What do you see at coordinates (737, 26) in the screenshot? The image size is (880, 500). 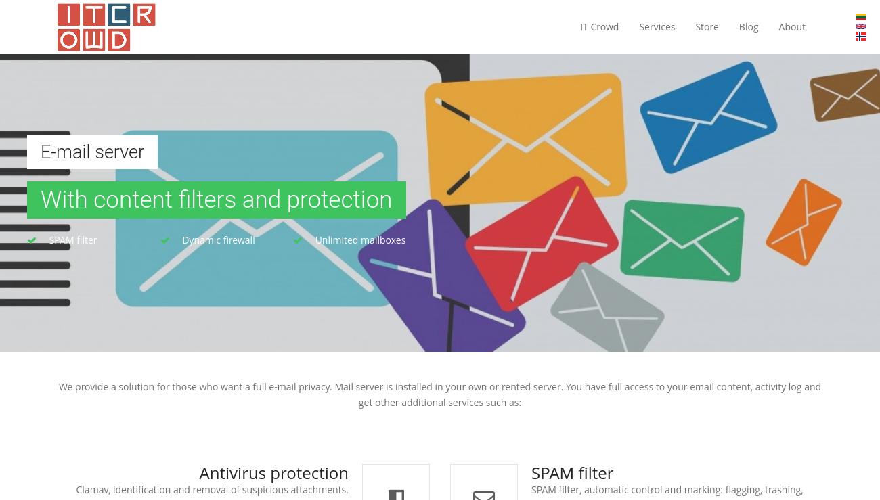 I see `'Blog'` at bounding box center [737, 26].